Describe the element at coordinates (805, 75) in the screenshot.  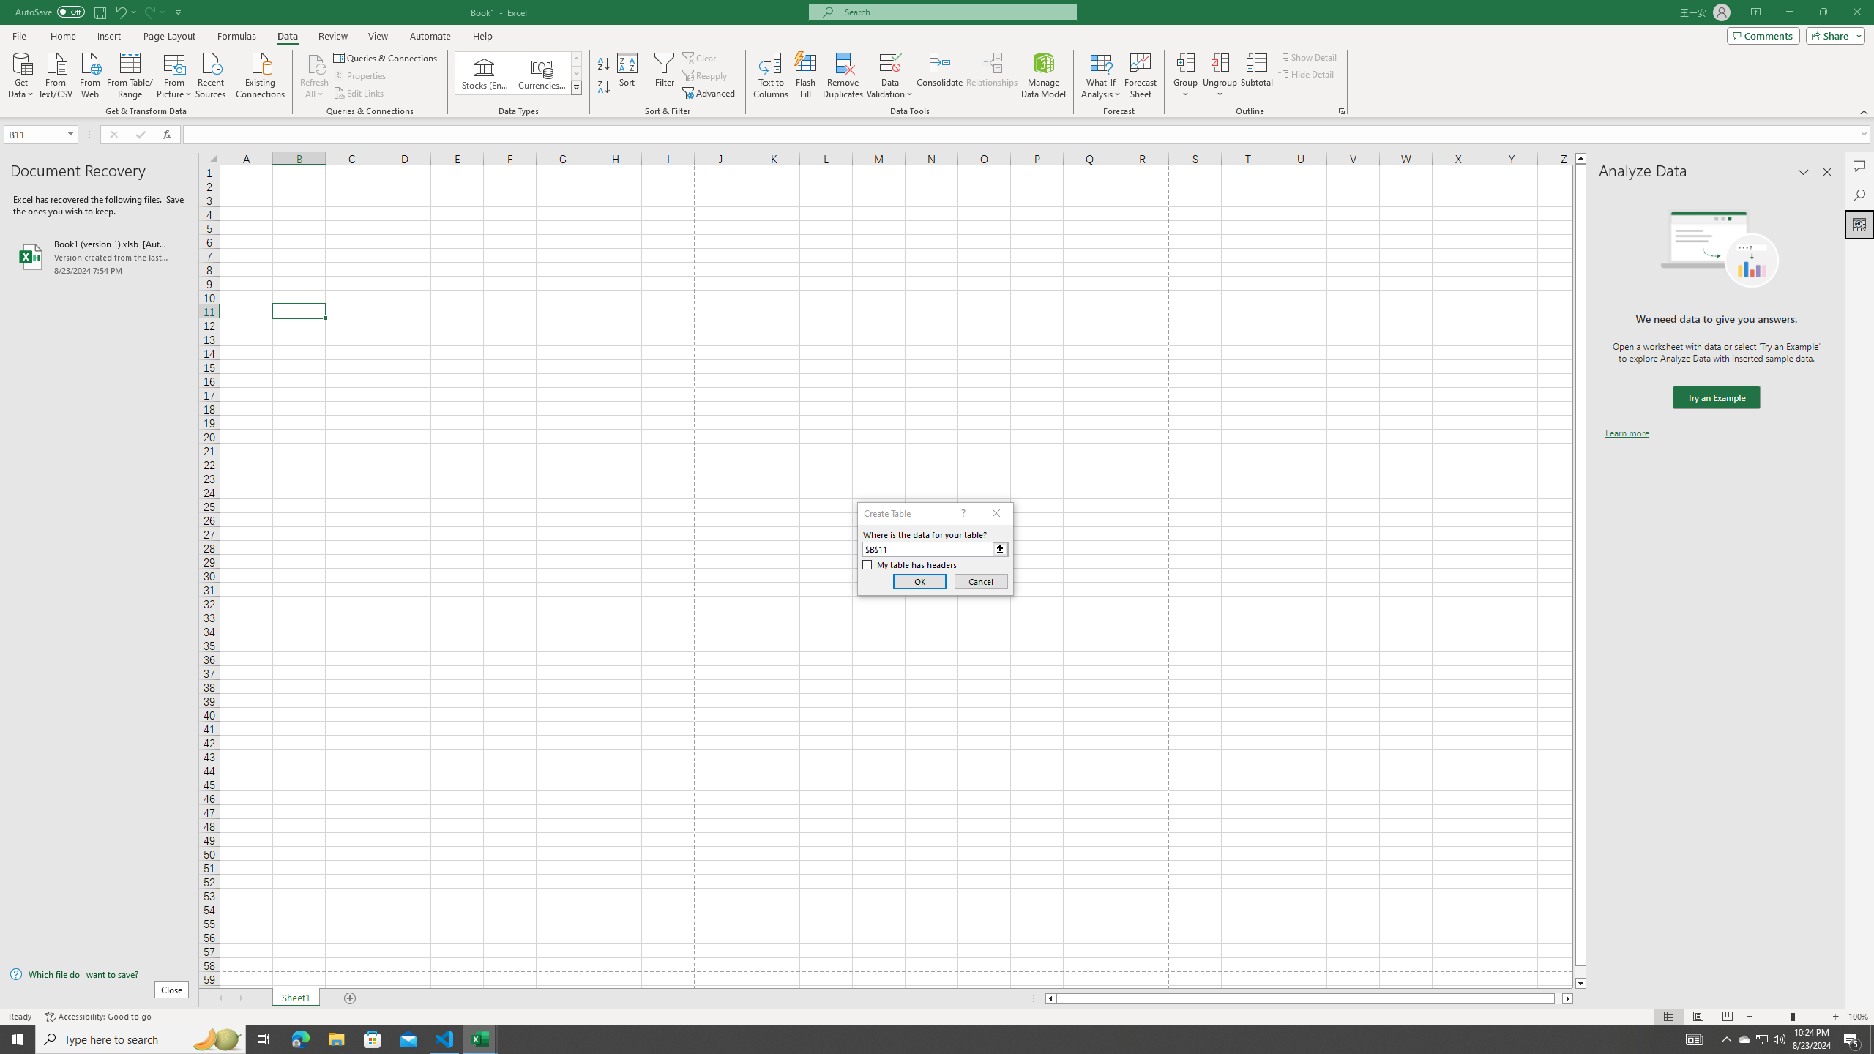
I see `'Flash Fill'` at that location.